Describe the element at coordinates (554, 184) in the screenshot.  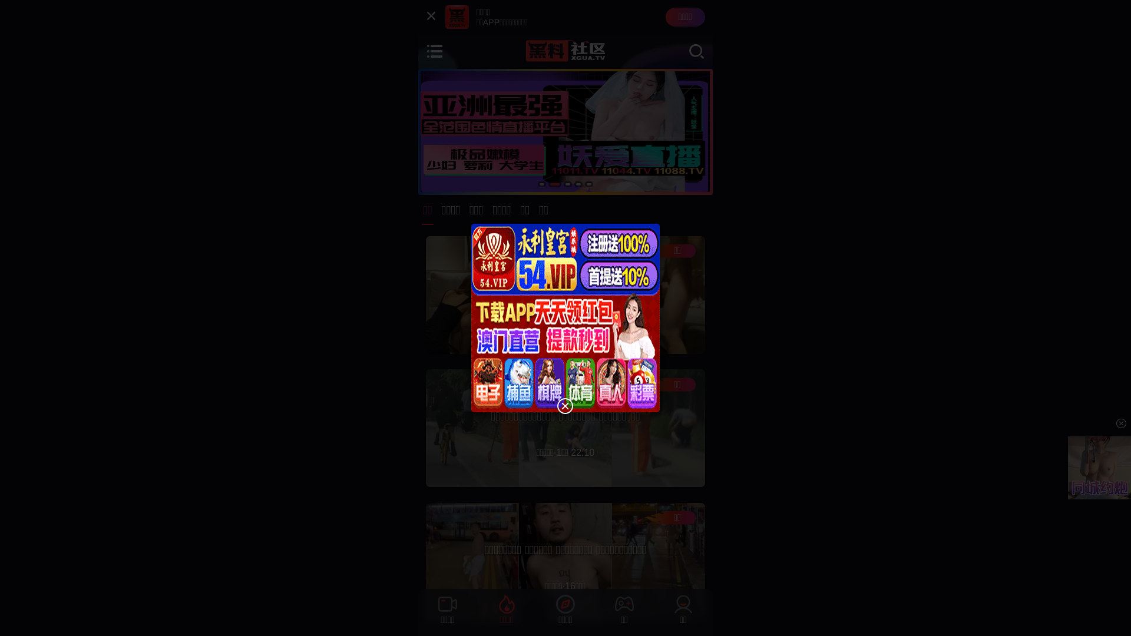
I see `'2'` at that location.